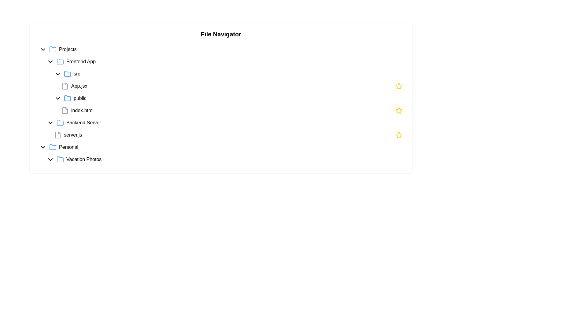  What do you see at coordinates (57, 135) in the screenshot?
I see `the file icon representing 'server.js' in the file navigator` at bounding box center [57, 135].